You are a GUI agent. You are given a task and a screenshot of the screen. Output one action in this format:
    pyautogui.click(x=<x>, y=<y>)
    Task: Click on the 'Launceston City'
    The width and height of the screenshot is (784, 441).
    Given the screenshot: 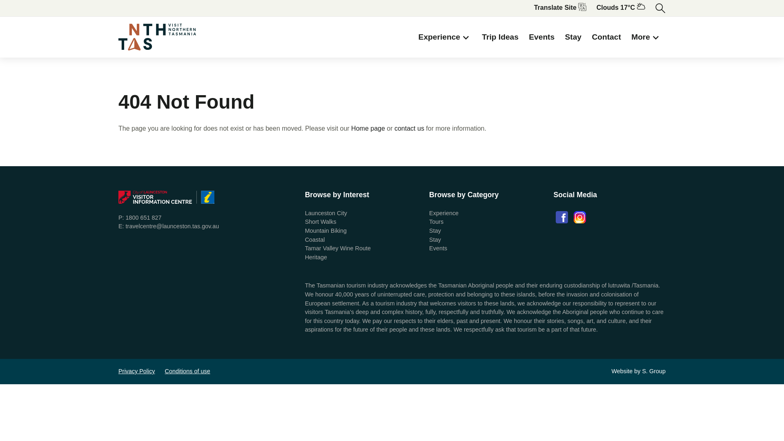 What is the action you would take?
    pyautogui.click(x=305, y=212)
    